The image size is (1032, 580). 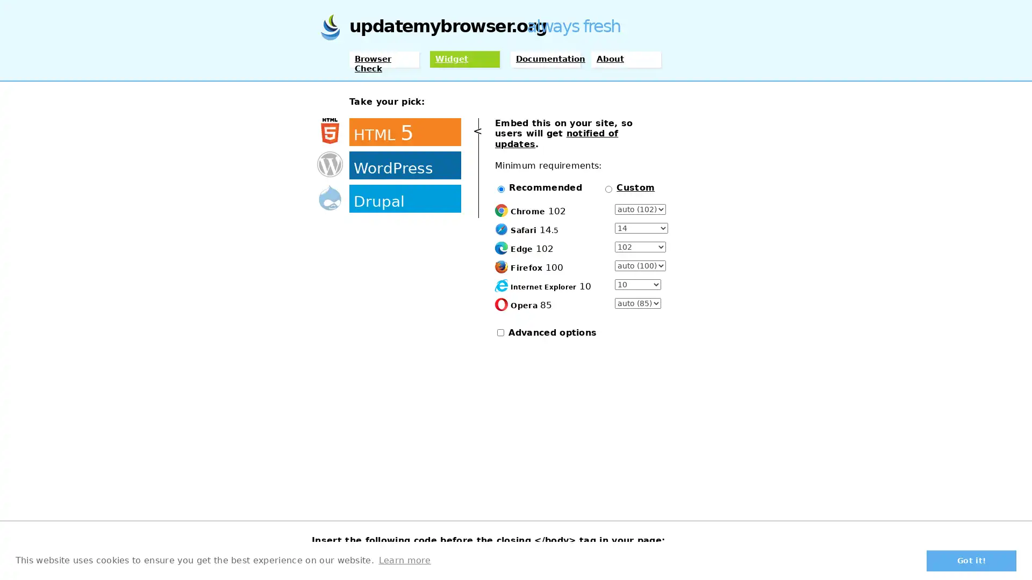 I want to click on learn more about cookies, so click(x=404, y=560).